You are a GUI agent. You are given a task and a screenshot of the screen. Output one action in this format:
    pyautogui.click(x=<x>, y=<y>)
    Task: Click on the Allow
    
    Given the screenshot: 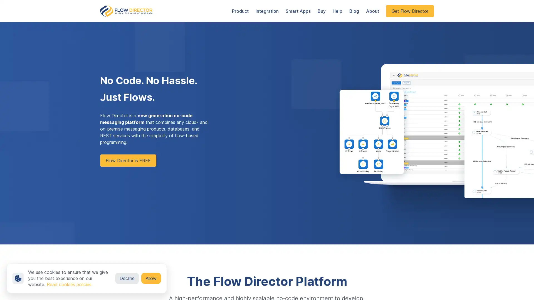 What is the action you would take?
    pyautogui.click(x=151, y=278)
    